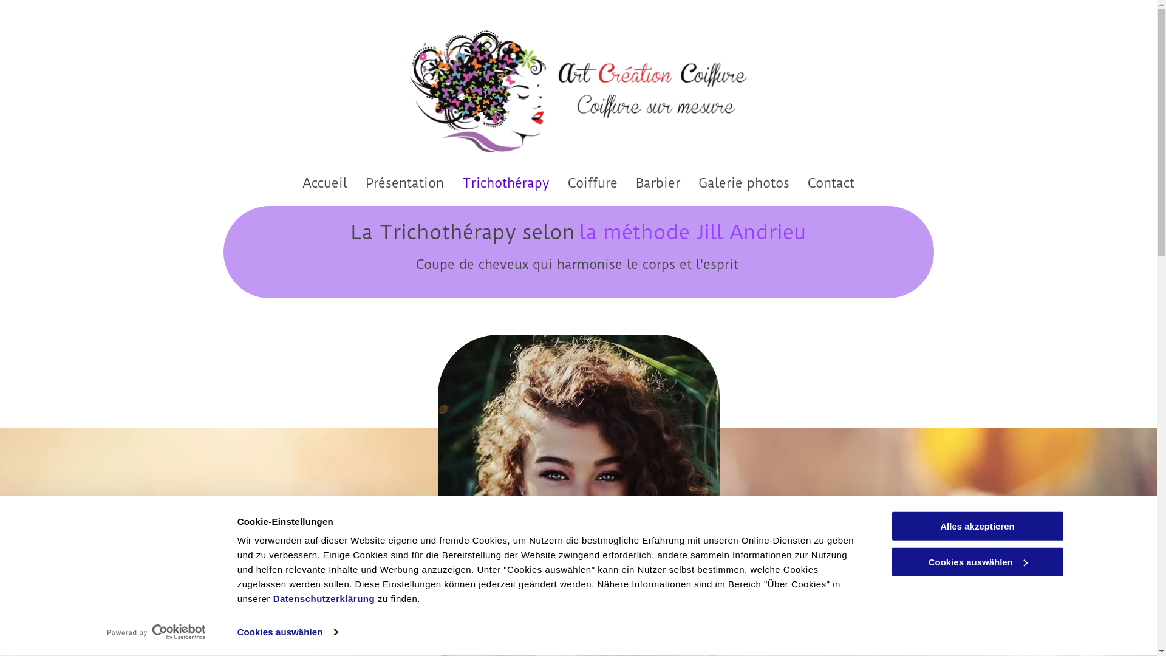 The image size is (1166, 656). What do you see at coordinates (977, 525) in the screenshot?
I see `'Alles akzeptieren'` at bounding box center [977, 525].